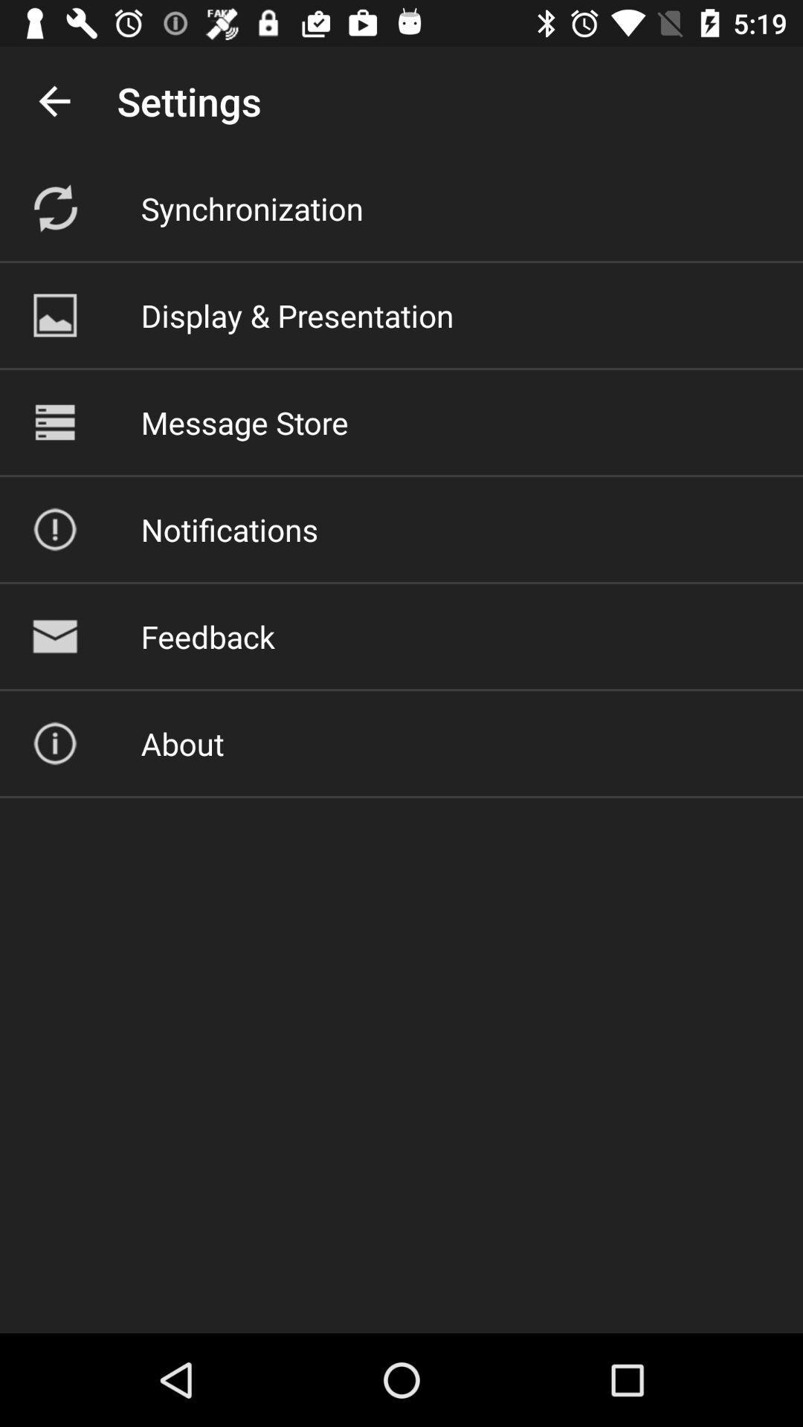 The height and width of the screenshot is (1427, 803). I want to click on item below the settings item, so click(251, 207).